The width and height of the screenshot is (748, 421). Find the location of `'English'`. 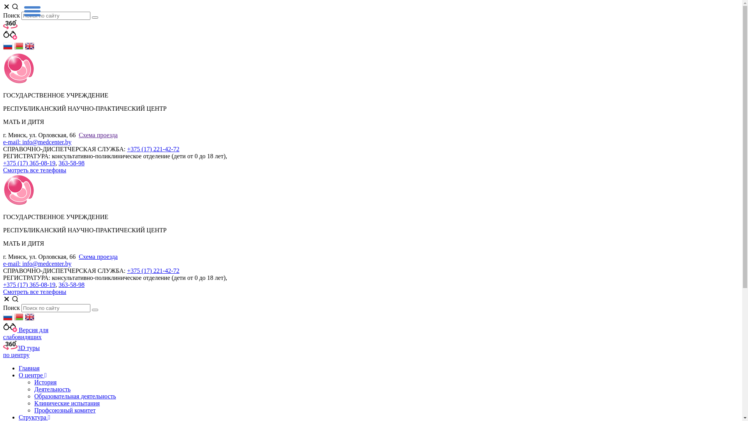

'English' is located at coordinates (30, 319).